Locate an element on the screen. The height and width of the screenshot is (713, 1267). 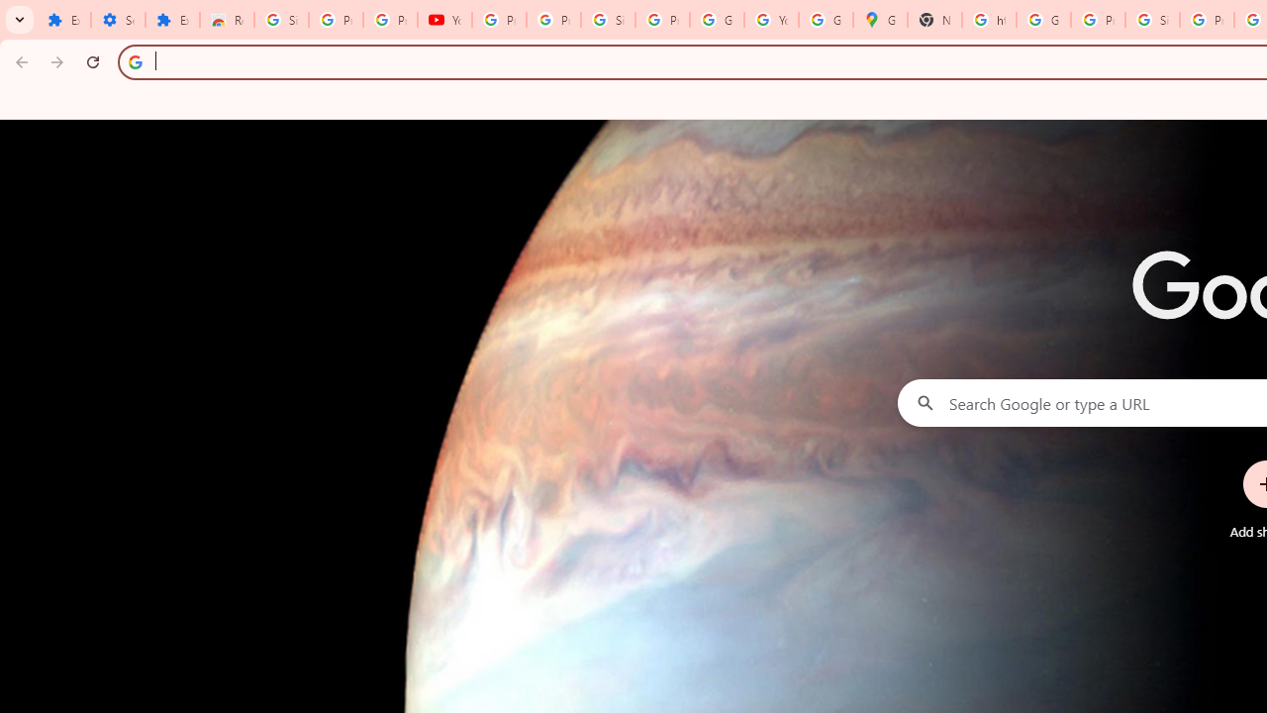
'https://scholar.google.com/' is located at coordinates (989, 20).